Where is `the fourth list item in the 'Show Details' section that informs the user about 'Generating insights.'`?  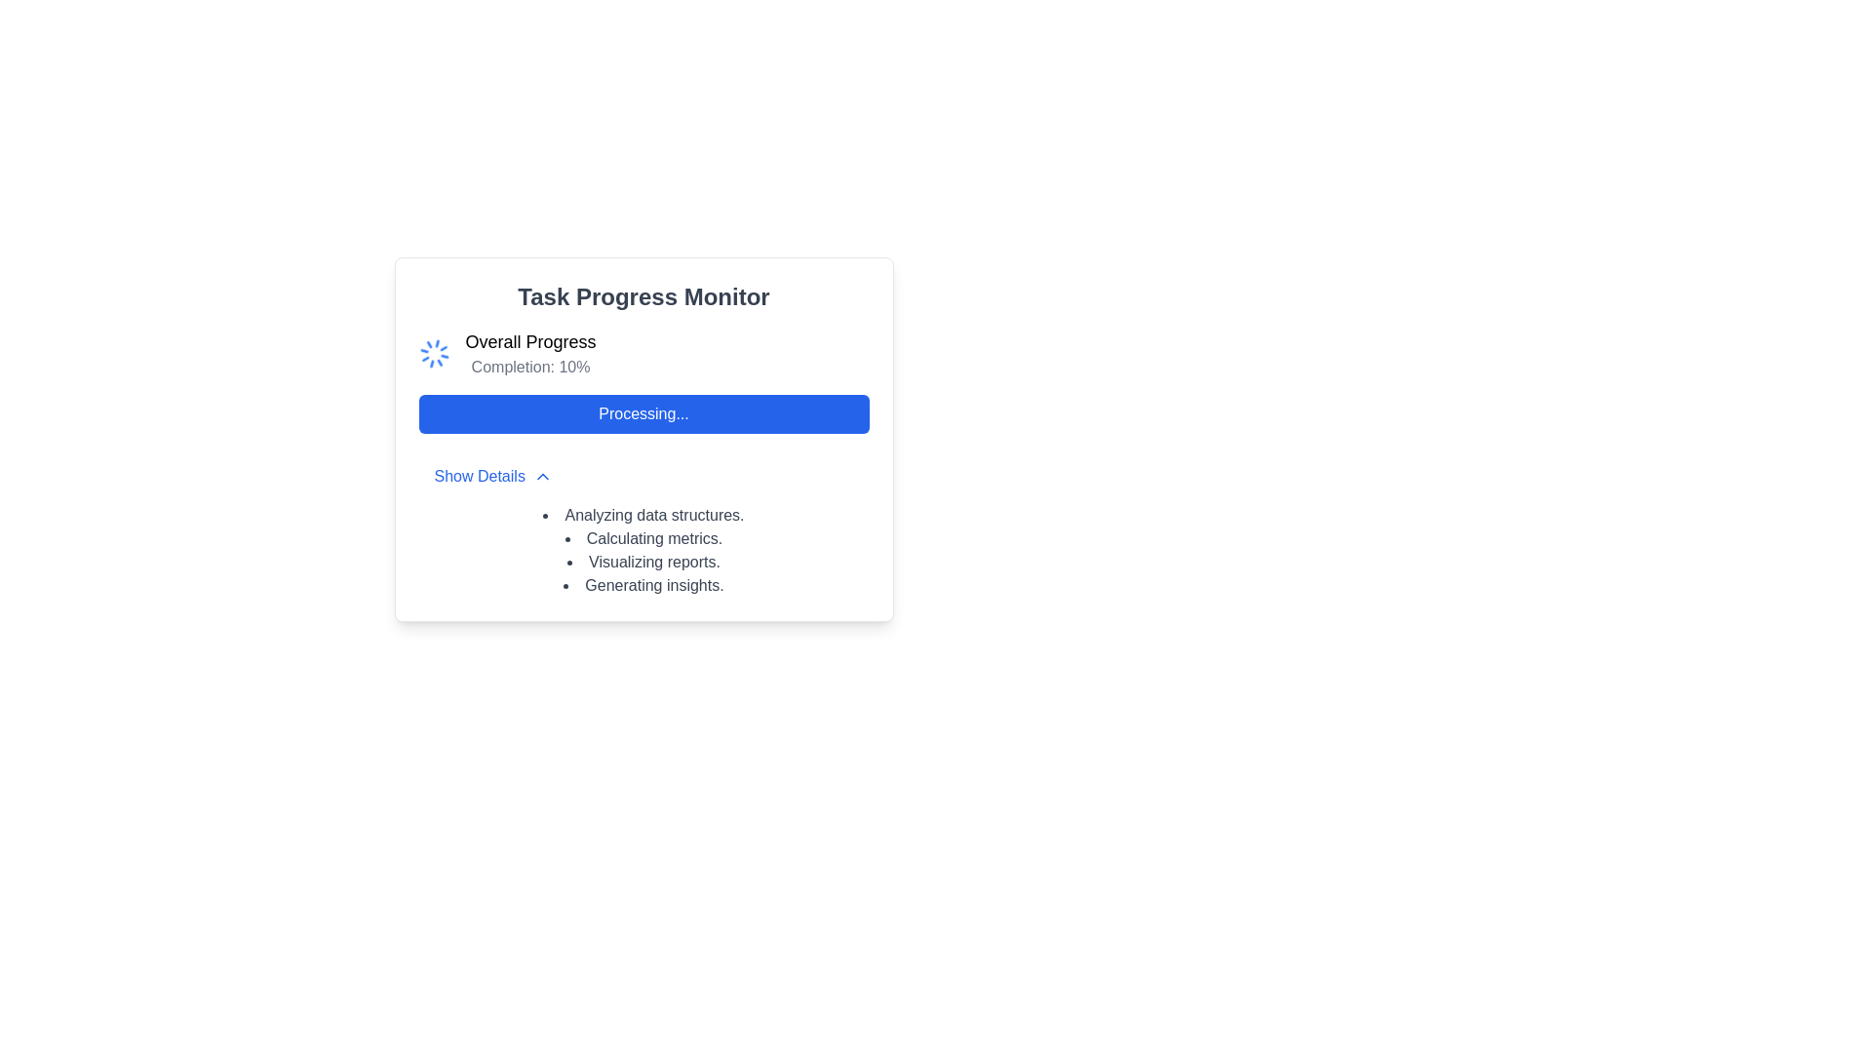 the fourth list item in the 'Show Details' section that informs the user about 'Generating insights.' is located at coordinates (643, 585).